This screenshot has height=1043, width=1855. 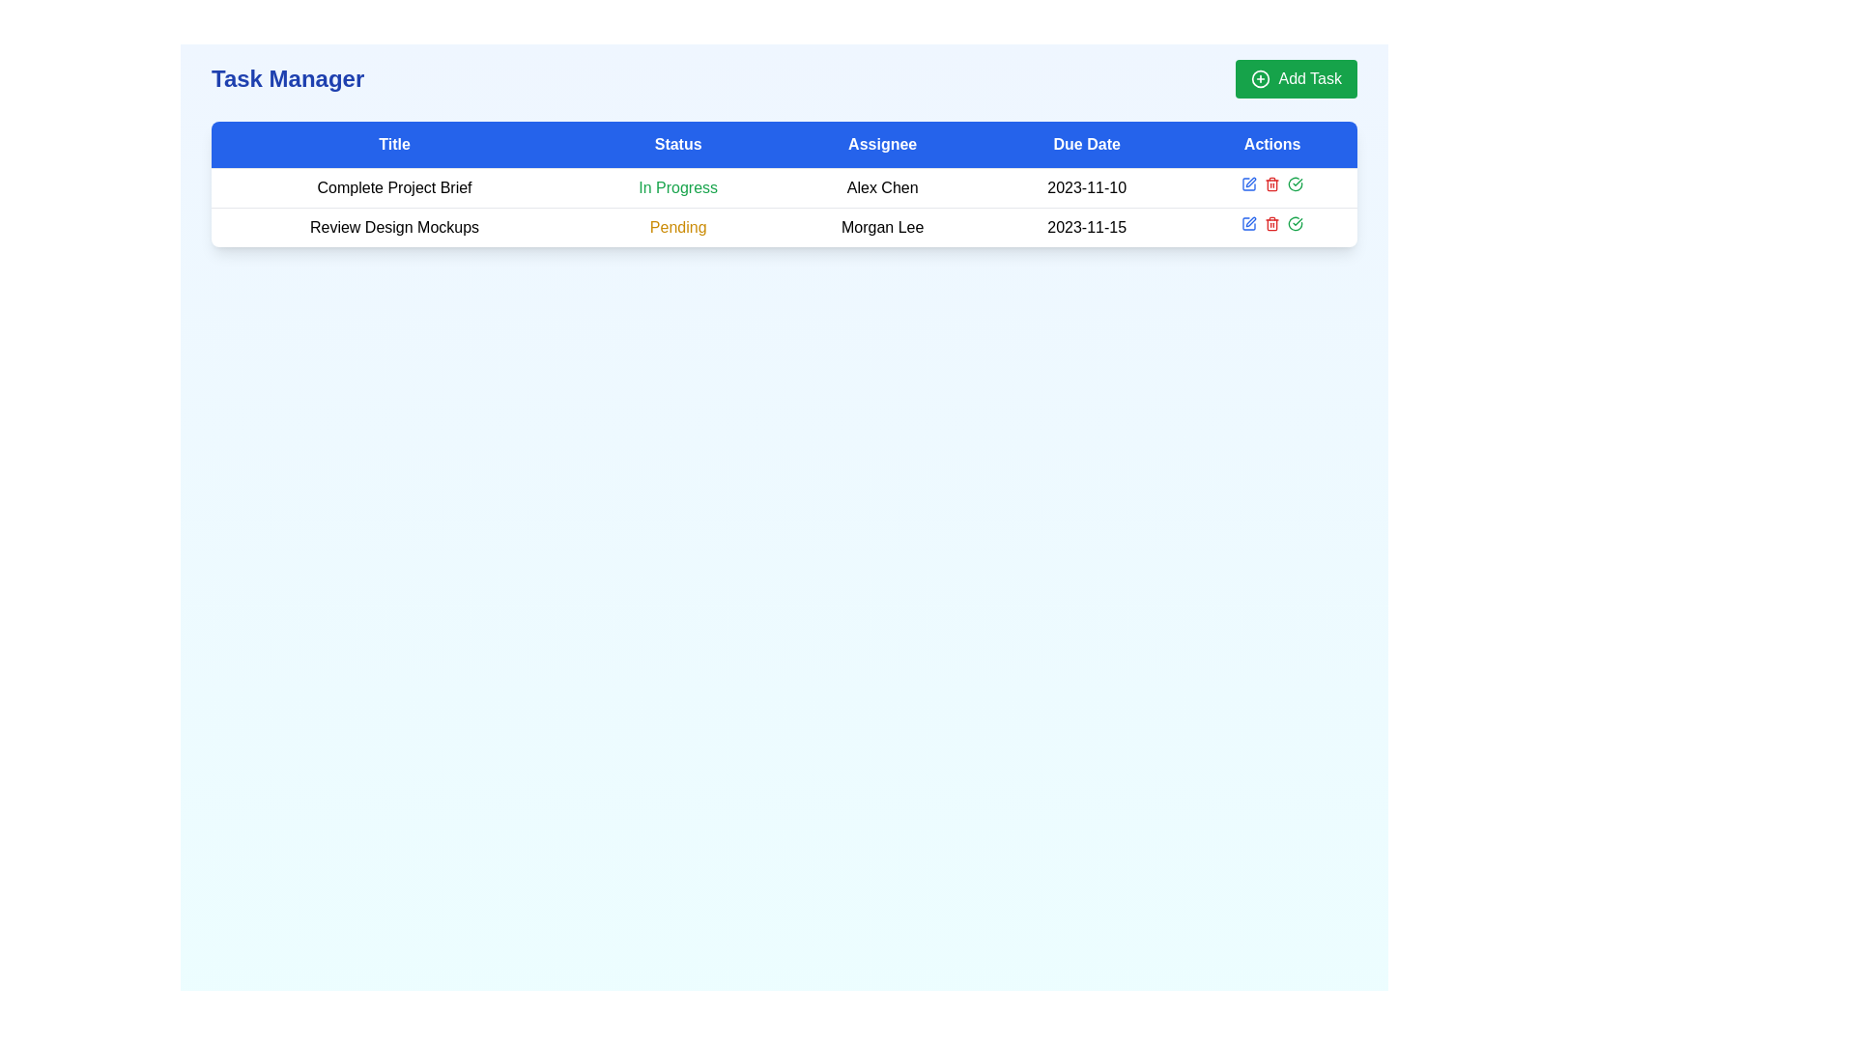 I want to click on the 'Add Task' icon located within the button in the top-right corner of the interface, positioned to the left of the 'Add Task' text, so click(x=1261, y=77).